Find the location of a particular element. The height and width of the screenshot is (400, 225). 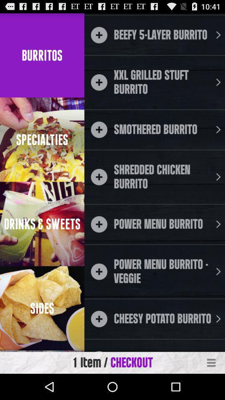

the menu icon is located at coordinates (211, 388).